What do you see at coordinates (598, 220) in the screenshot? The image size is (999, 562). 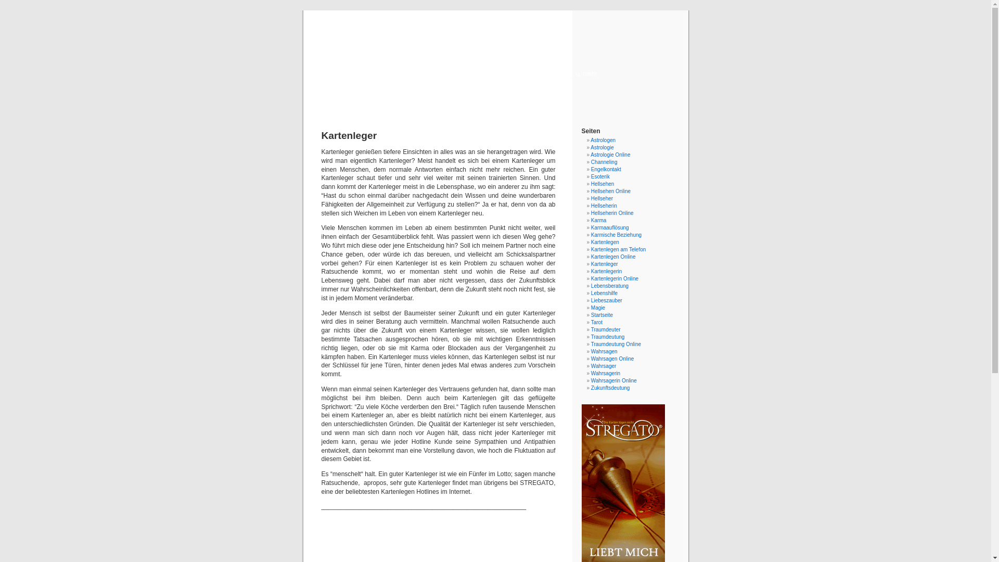 I see `'Karma'` at bounding box center [598, 220].